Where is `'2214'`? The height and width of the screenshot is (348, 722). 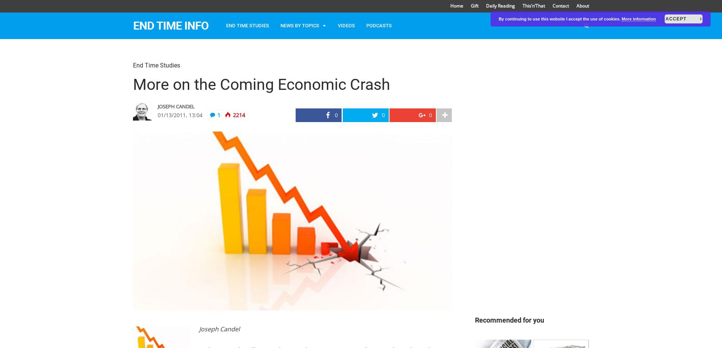
'2214' is located at coordinates (238, 114).